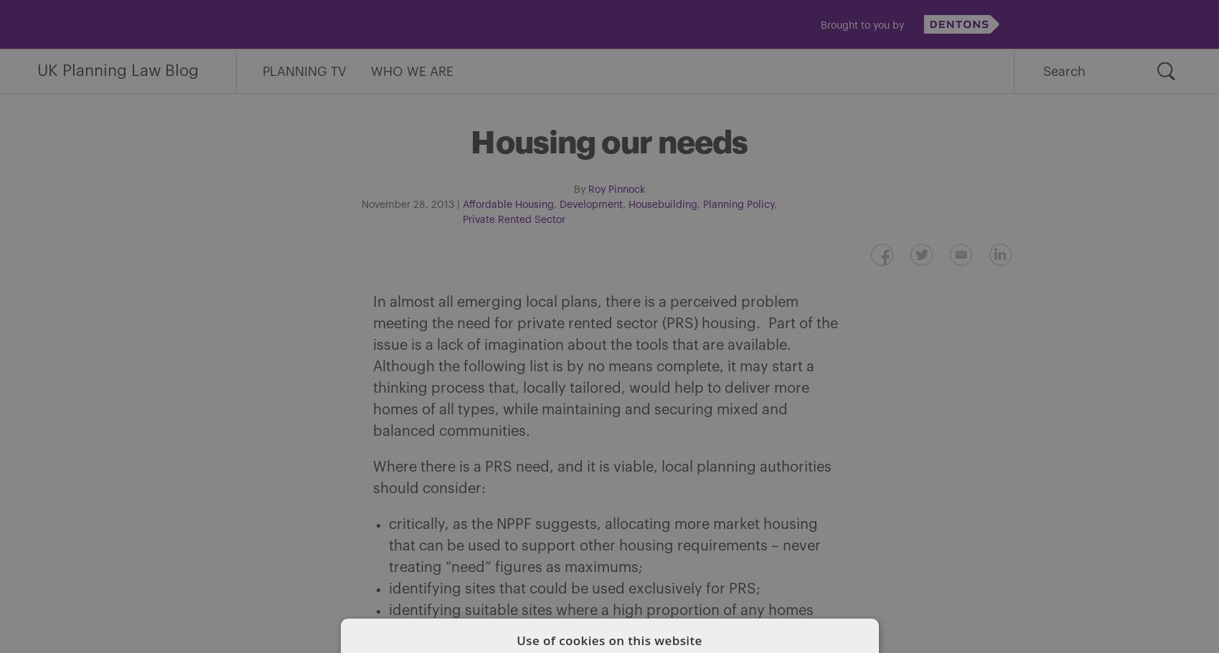  I want to click on 'Housing our needs', so click(608, 142).